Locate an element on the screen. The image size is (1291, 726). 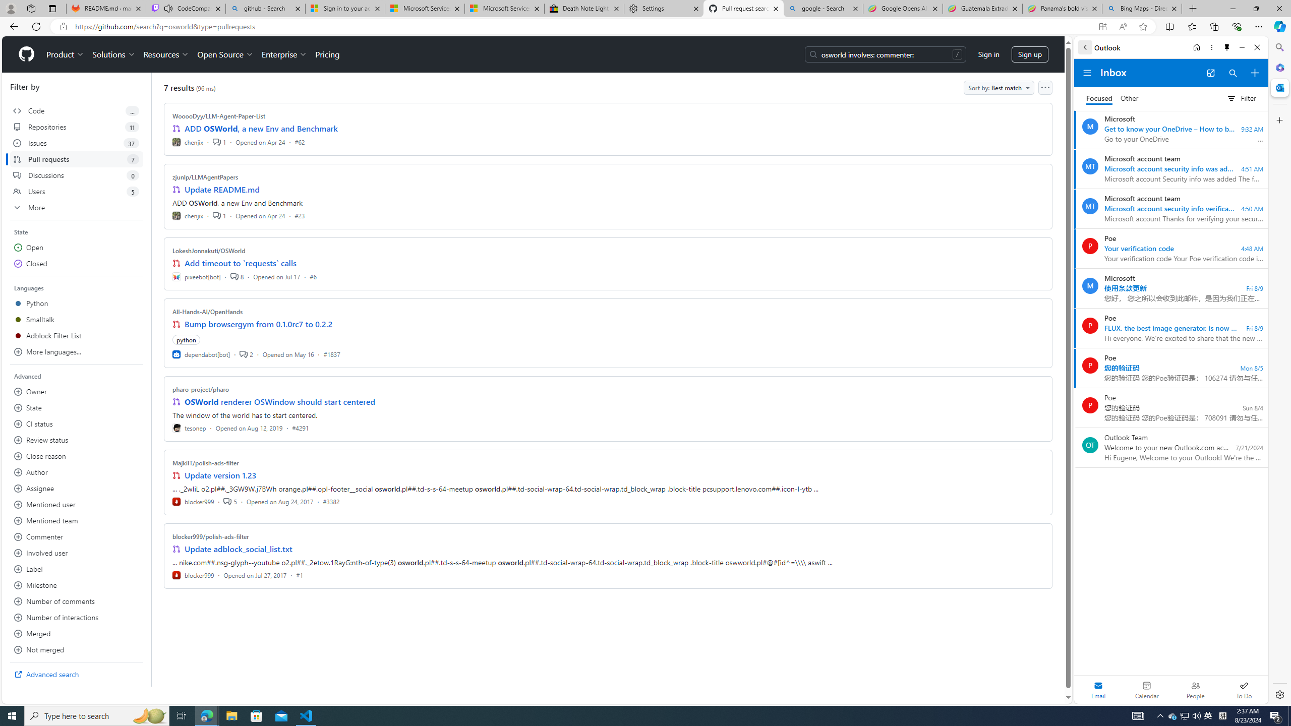
'tesonep' is located at coordinates (189, 427).